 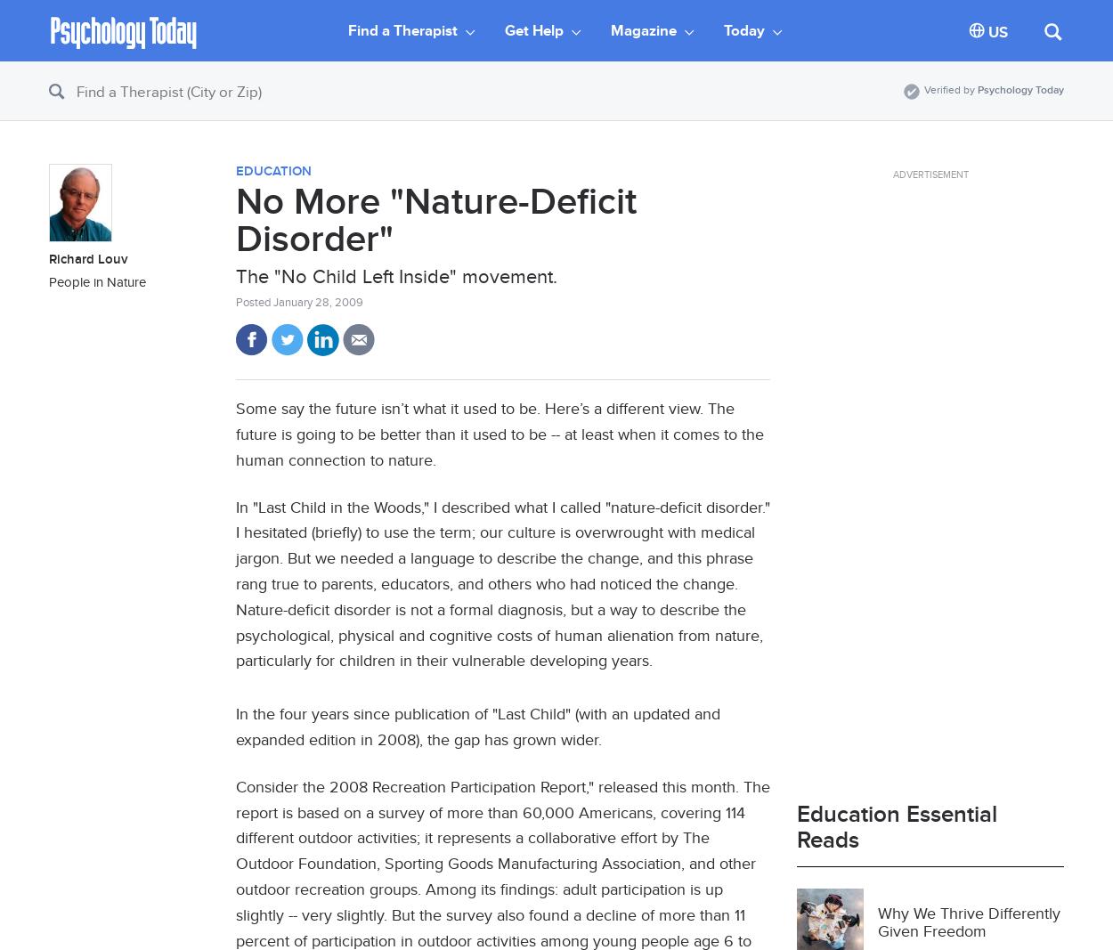 What do you see at coordinates (500, 432) in the screenshot?
I see `'Some say the future isn’t what it used to be. Here’s a different view. The future is going to be better than it used to be -- at least when it comes to the human connection to nature.'` at bounding box center [500, 432].